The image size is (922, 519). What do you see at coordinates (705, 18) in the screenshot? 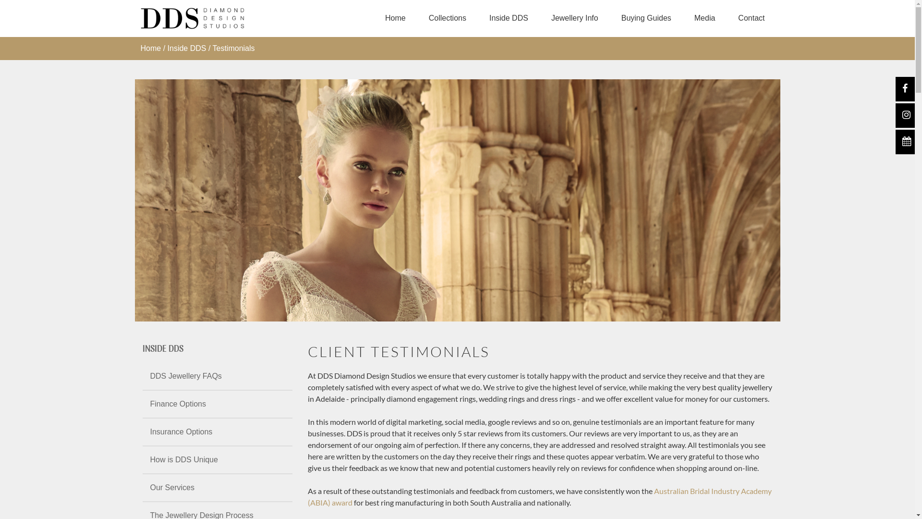
I see `'Media'` at bounding box center [705, 18].